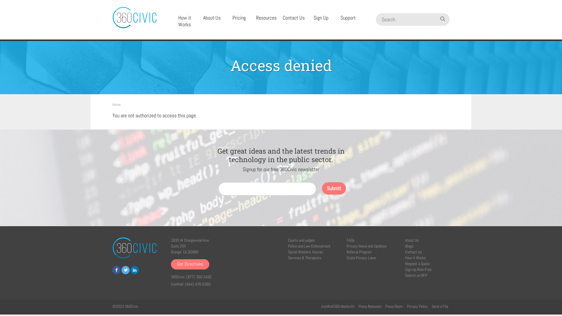 The height and width of the screenshot is (316, 562). What do you see at coordinates (415, 257) in the screenshot?
I see `'How it Works'` at bounding box center [415, 257].